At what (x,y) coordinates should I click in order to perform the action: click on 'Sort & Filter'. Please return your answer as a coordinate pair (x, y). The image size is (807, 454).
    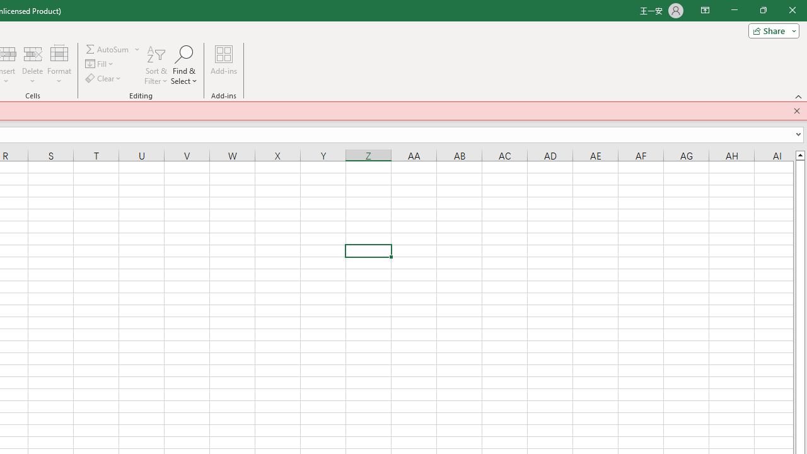
    Looking at the image, I should click on (155, 65).